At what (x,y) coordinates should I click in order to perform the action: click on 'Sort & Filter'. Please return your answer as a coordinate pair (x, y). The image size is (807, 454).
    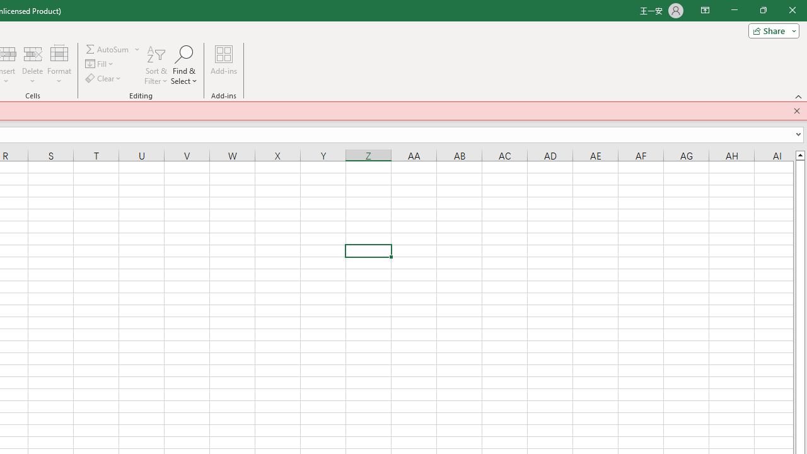
    Looking at the image, I should click on (155, 65).